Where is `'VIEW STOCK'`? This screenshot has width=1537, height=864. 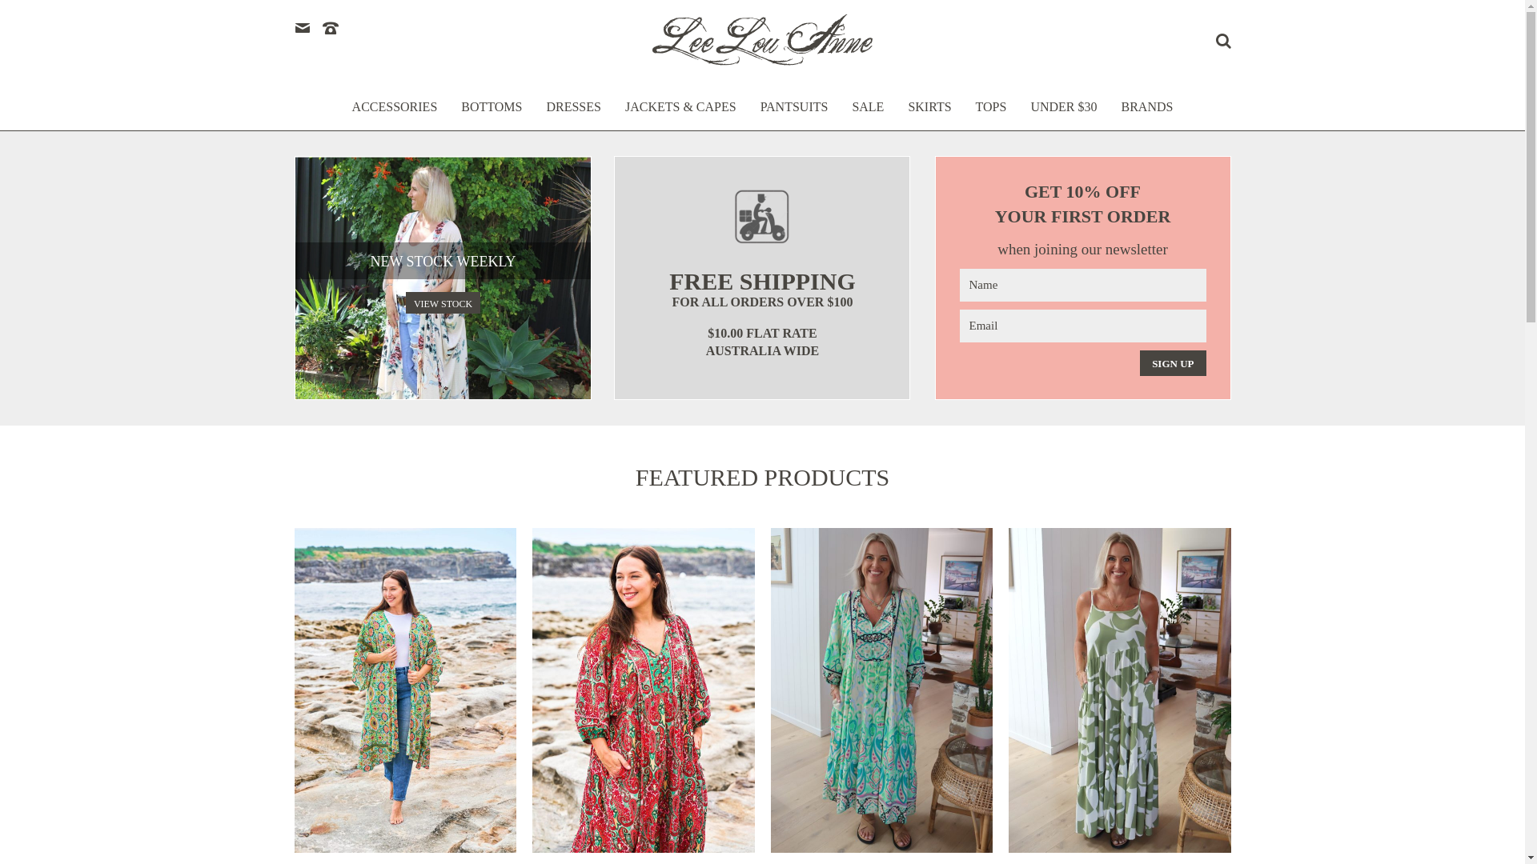
'VIEW STOCK' is located at coordinates (406, 302).